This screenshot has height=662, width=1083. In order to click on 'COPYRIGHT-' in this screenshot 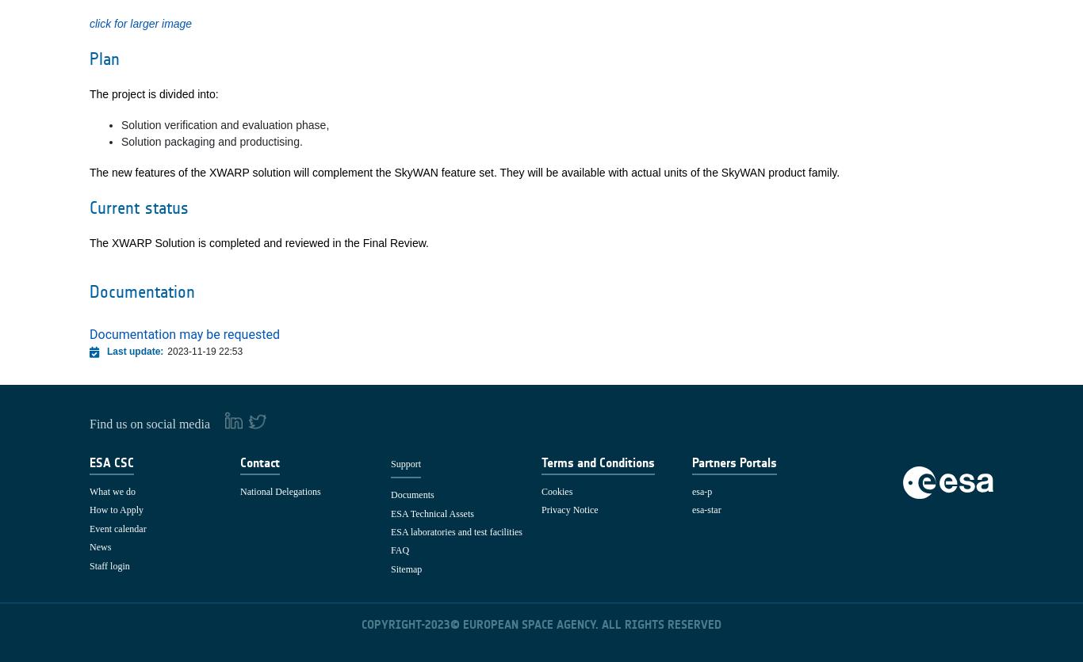, I will do `click(360, 624)`.